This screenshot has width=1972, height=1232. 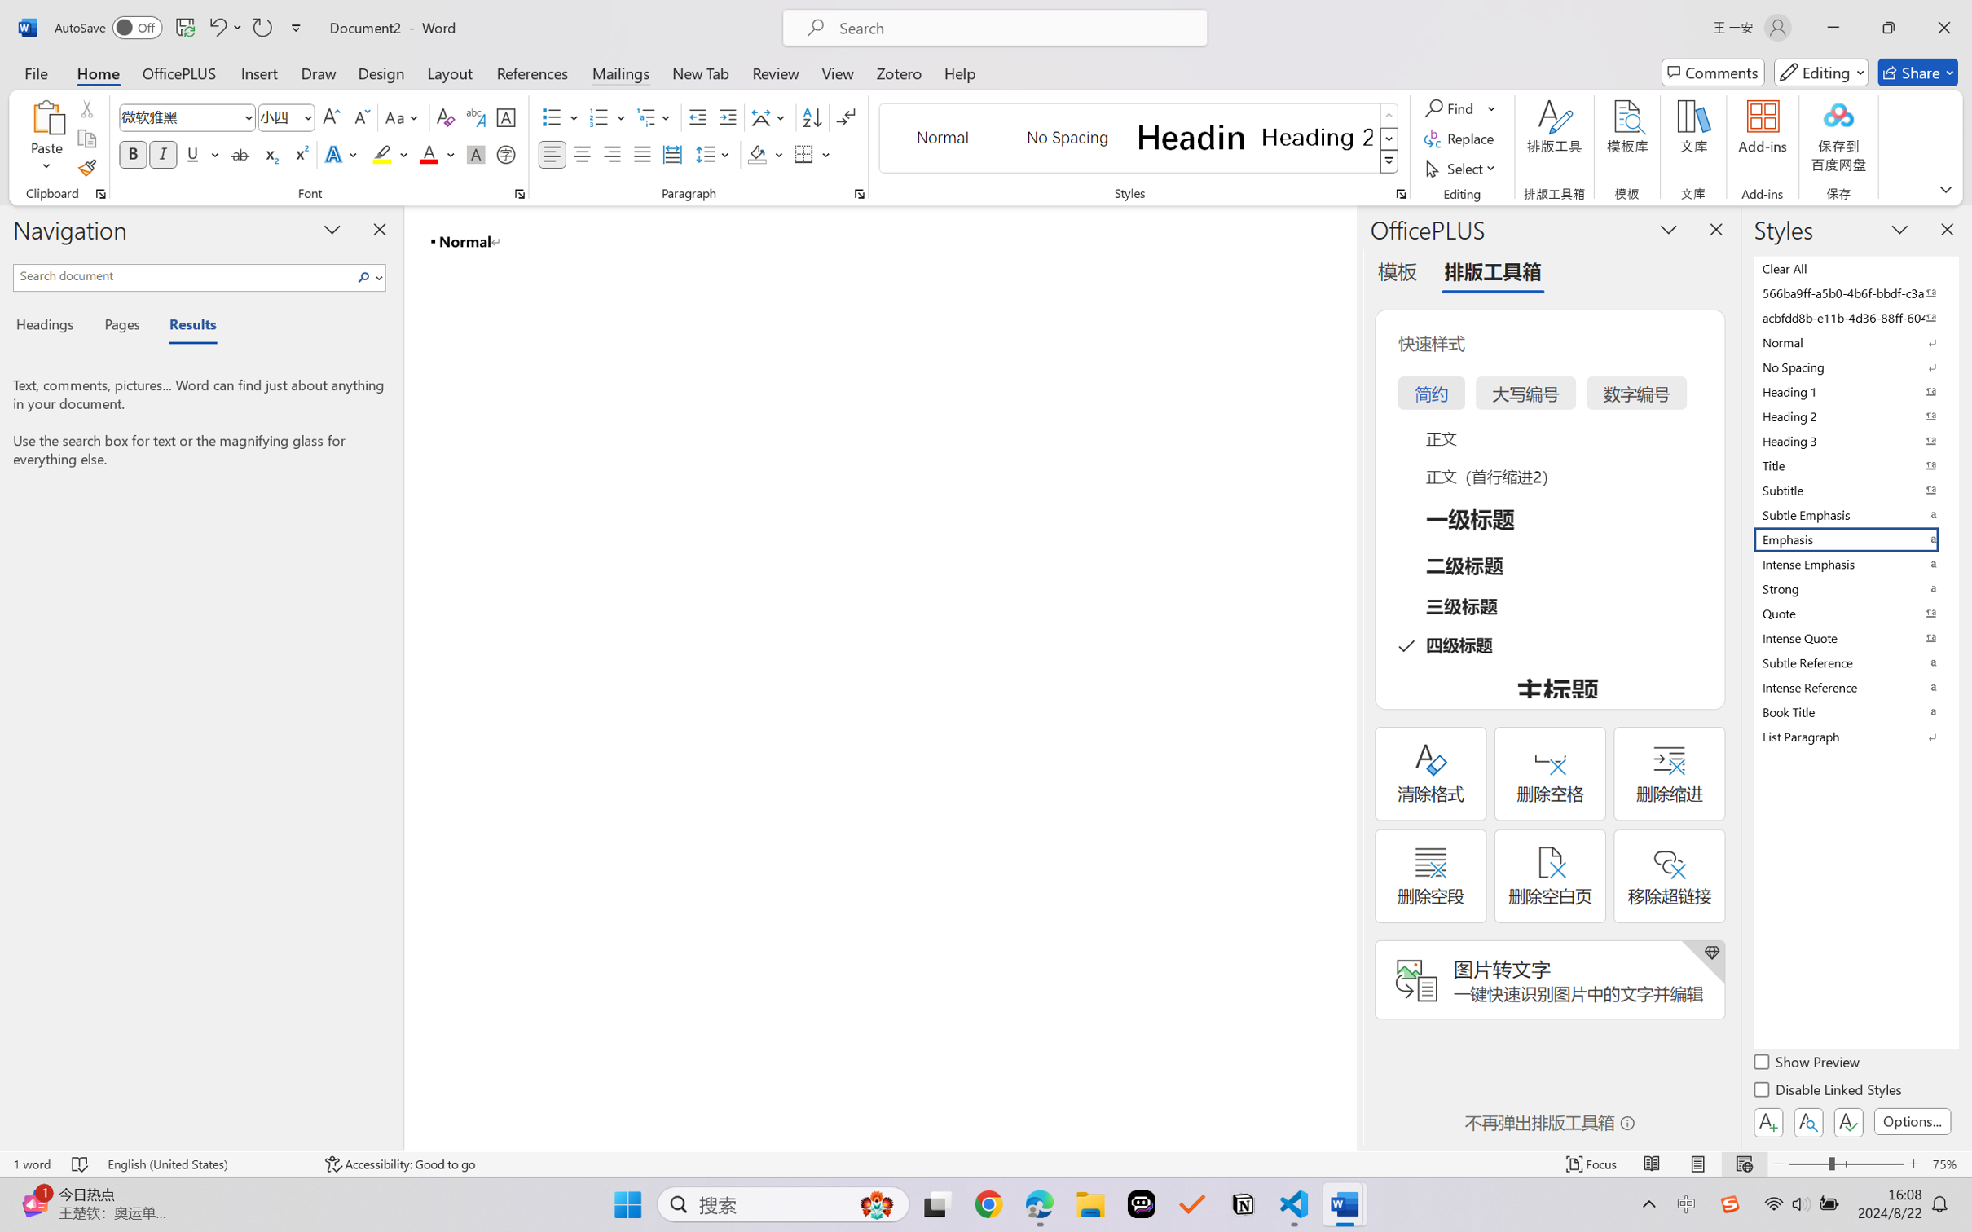 I want to click on 'Paste', so click(x=46, y=117).